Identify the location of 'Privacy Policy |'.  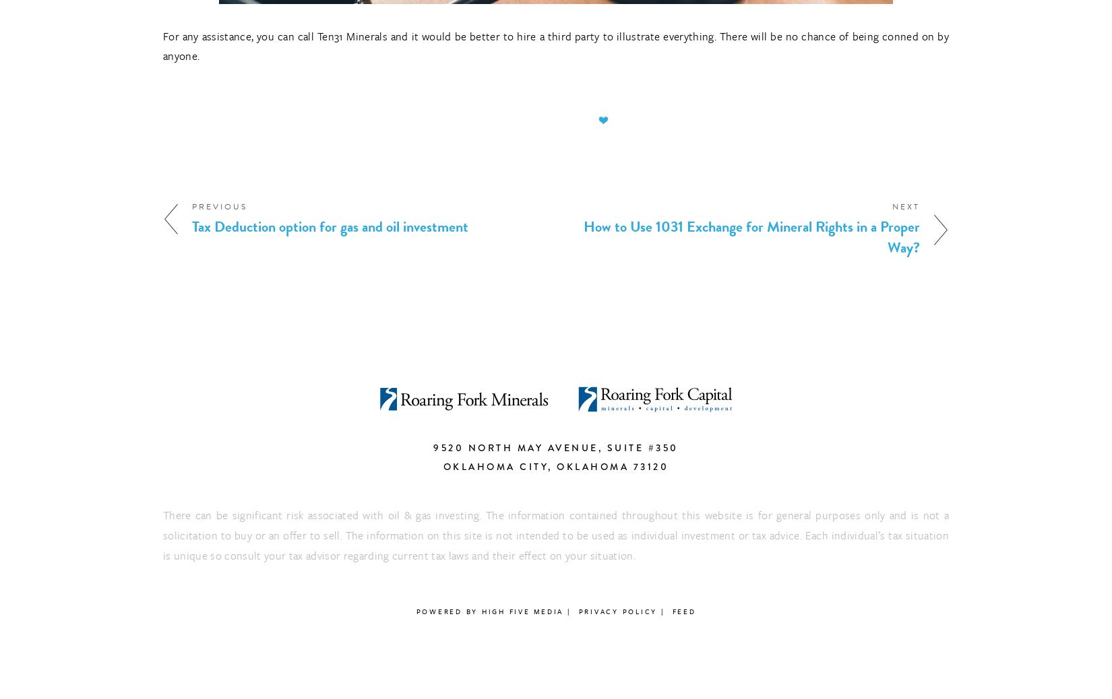
(621, 611).